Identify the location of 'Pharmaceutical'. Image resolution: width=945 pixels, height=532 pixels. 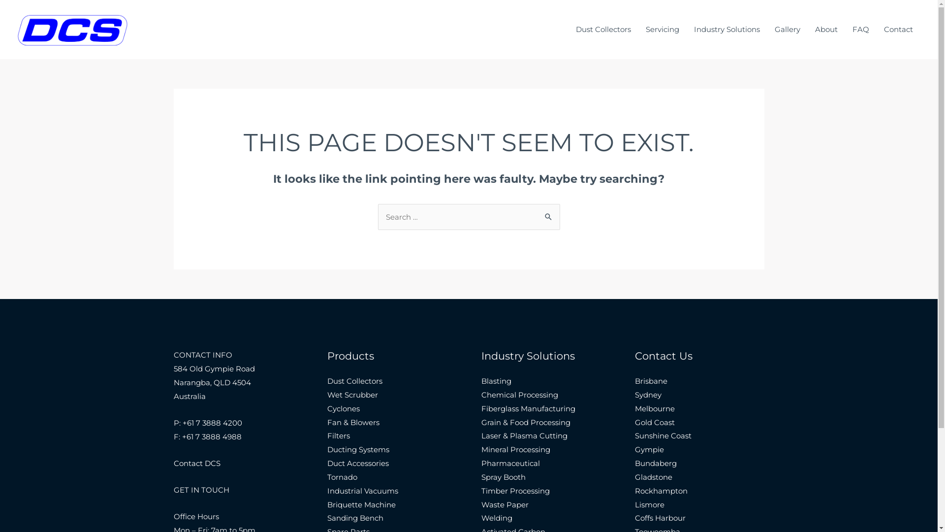
(510, 463).